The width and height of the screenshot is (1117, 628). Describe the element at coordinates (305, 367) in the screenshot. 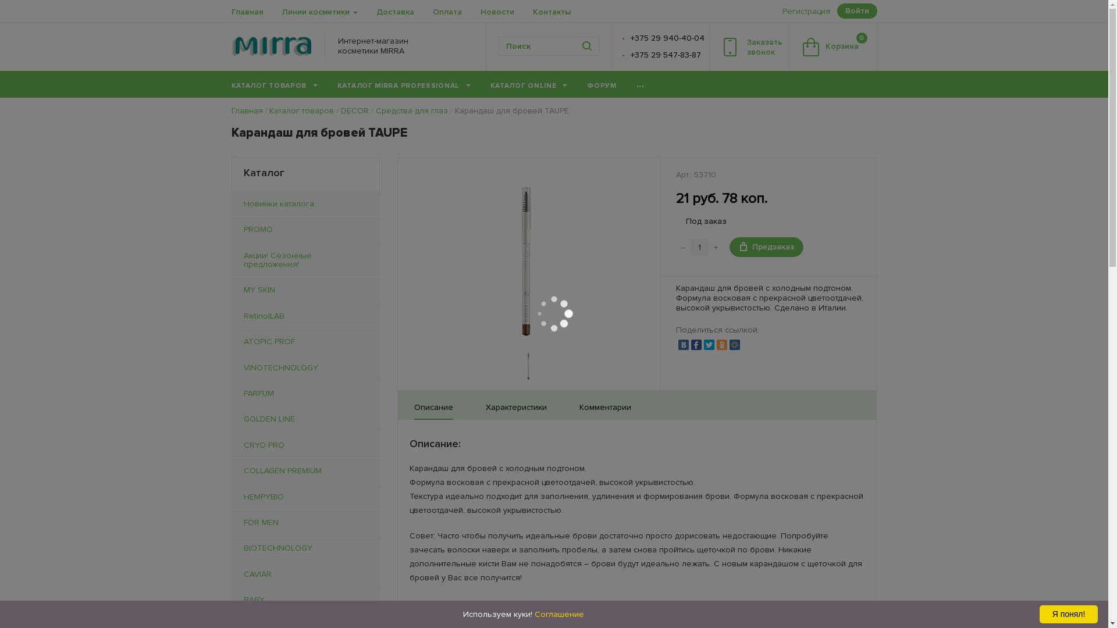

I see `'VINOTECHNOLOGY'` at that location.